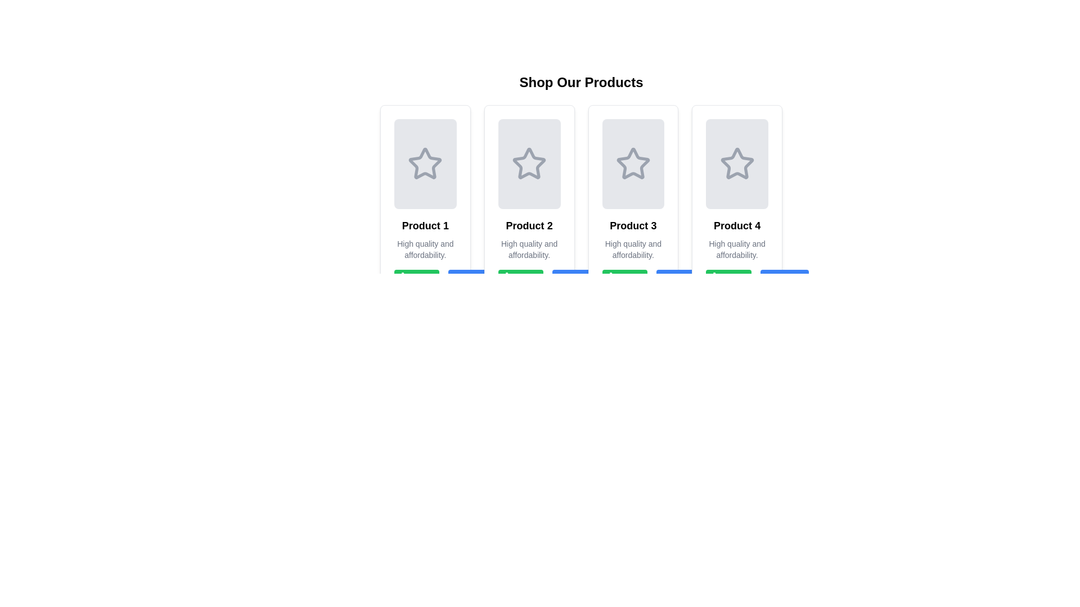 The width and height of the screenshot is (1080, 607). Describe the element at coordinates (425, 164) in the screenshot. I see `the light gray rectangular block with rounded corners that contains a star icon, located in the upper section of the 'Product 1' card, directly above the product title and description` at that location.